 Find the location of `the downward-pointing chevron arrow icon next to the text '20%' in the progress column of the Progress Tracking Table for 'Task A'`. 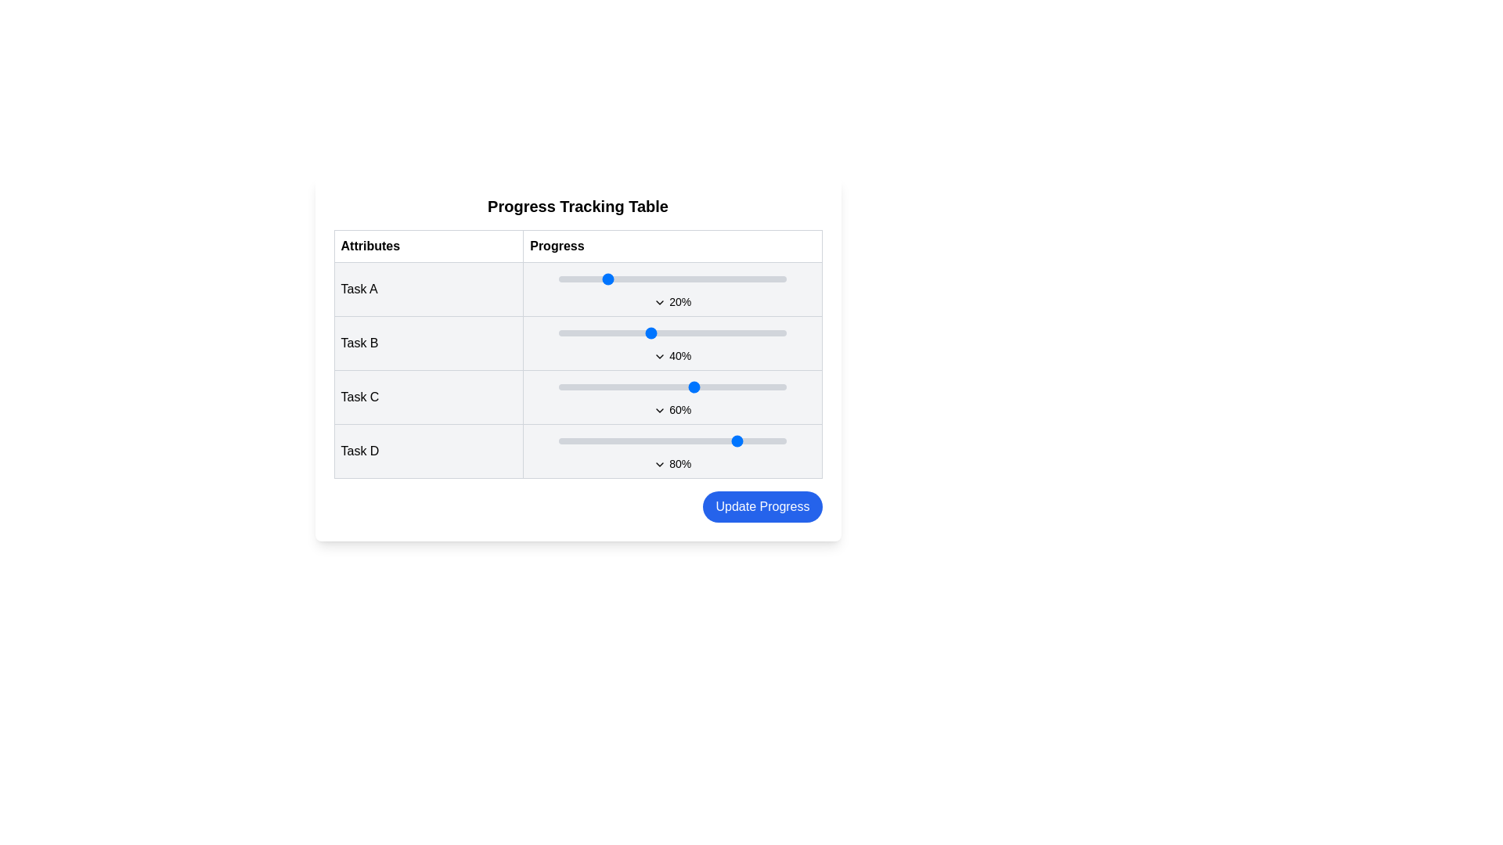

the downward-pointing chevron arrow icon next to the text '20%' in the progress column of the Progress Tracking Table for 'Task A' is located at coordinates (660, 303).